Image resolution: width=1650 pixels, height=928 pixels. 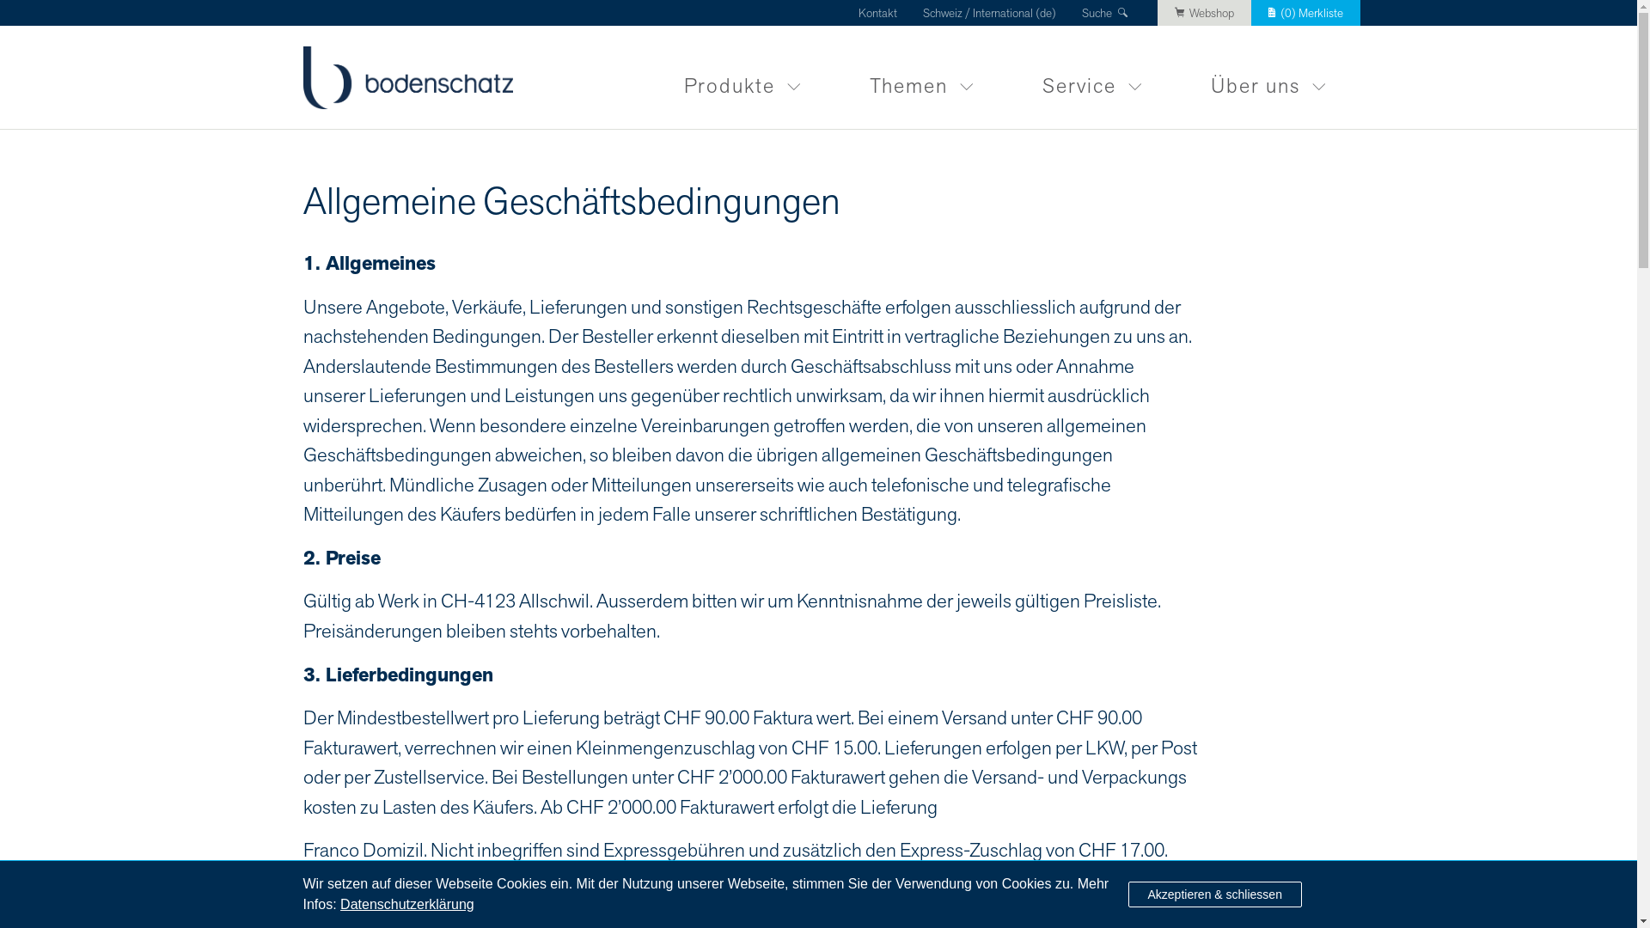 What do you see at coordinates (1213, 894) in the screenshot?
I see `'Akzeptieren & schliessen'` at bounding box center [1213, 894].